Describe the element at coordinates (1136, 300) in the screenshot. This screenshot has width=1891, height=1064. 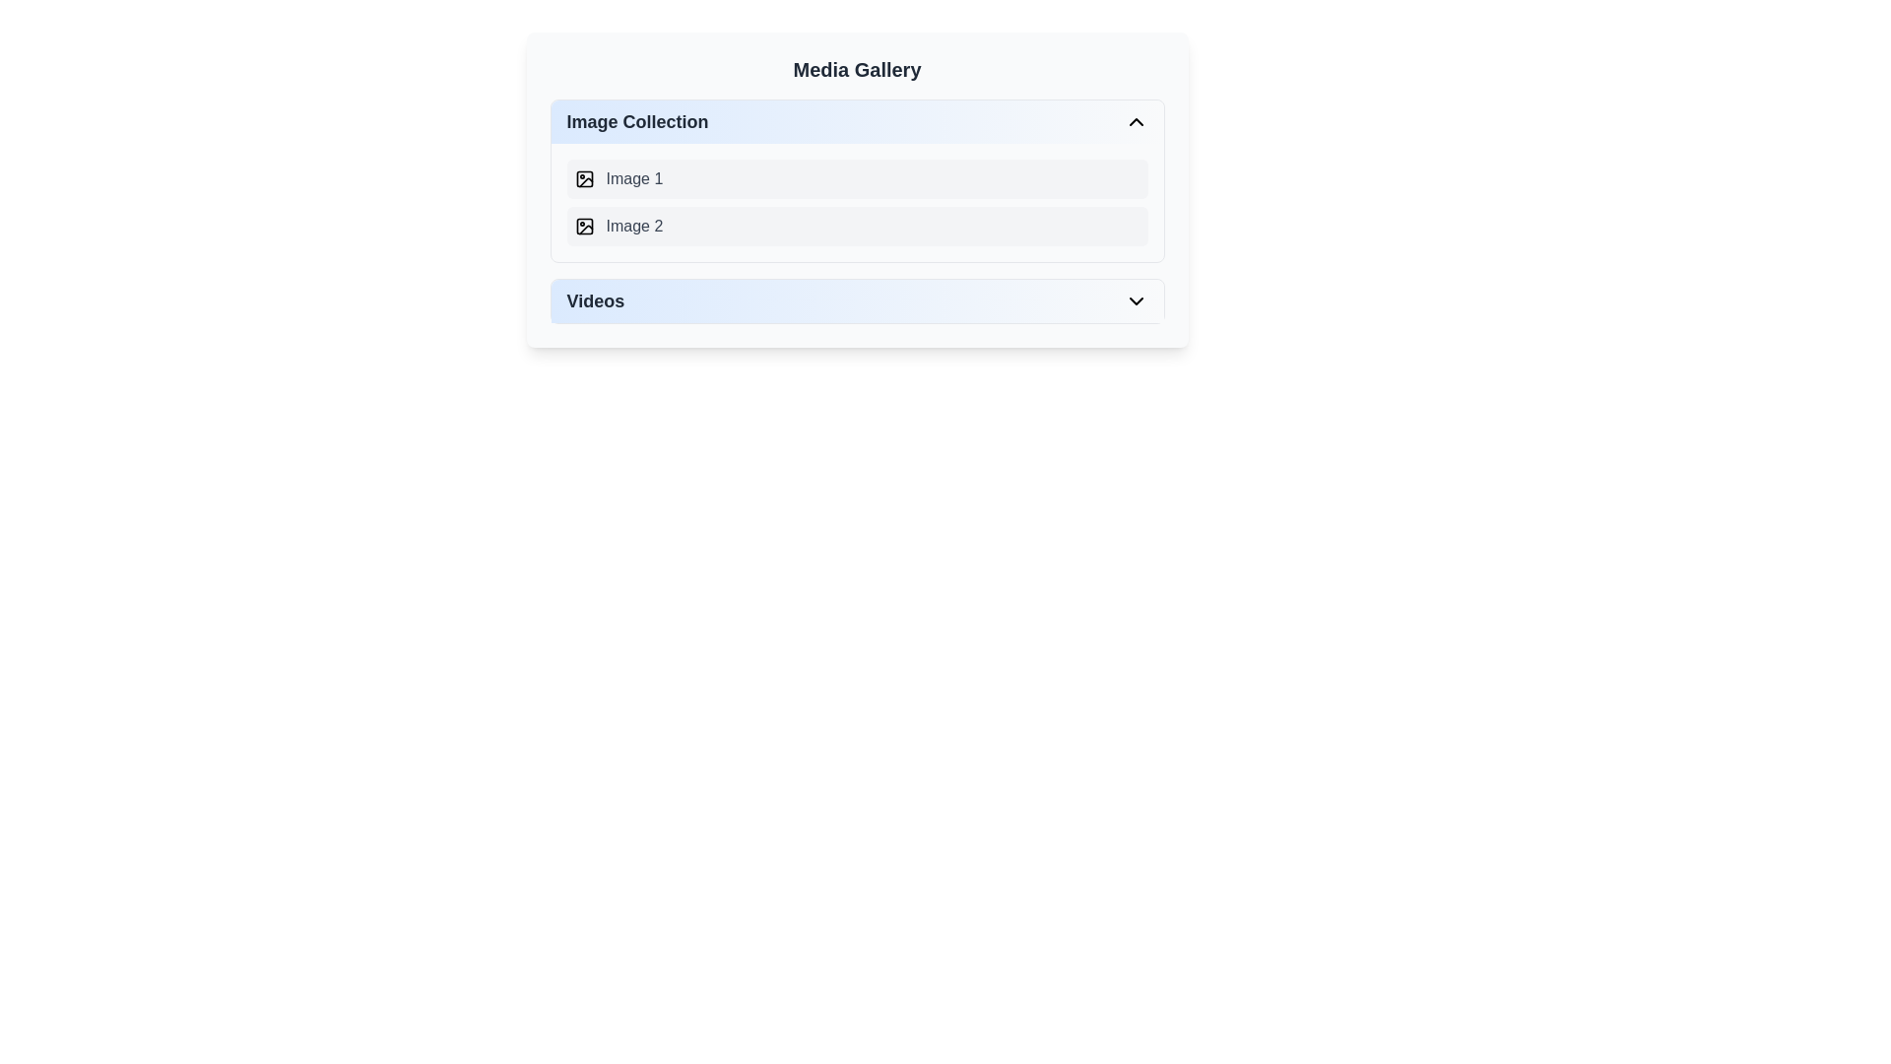
I see `the expand/collapse icon located to the far right of the 'Videos' section header` at that location.